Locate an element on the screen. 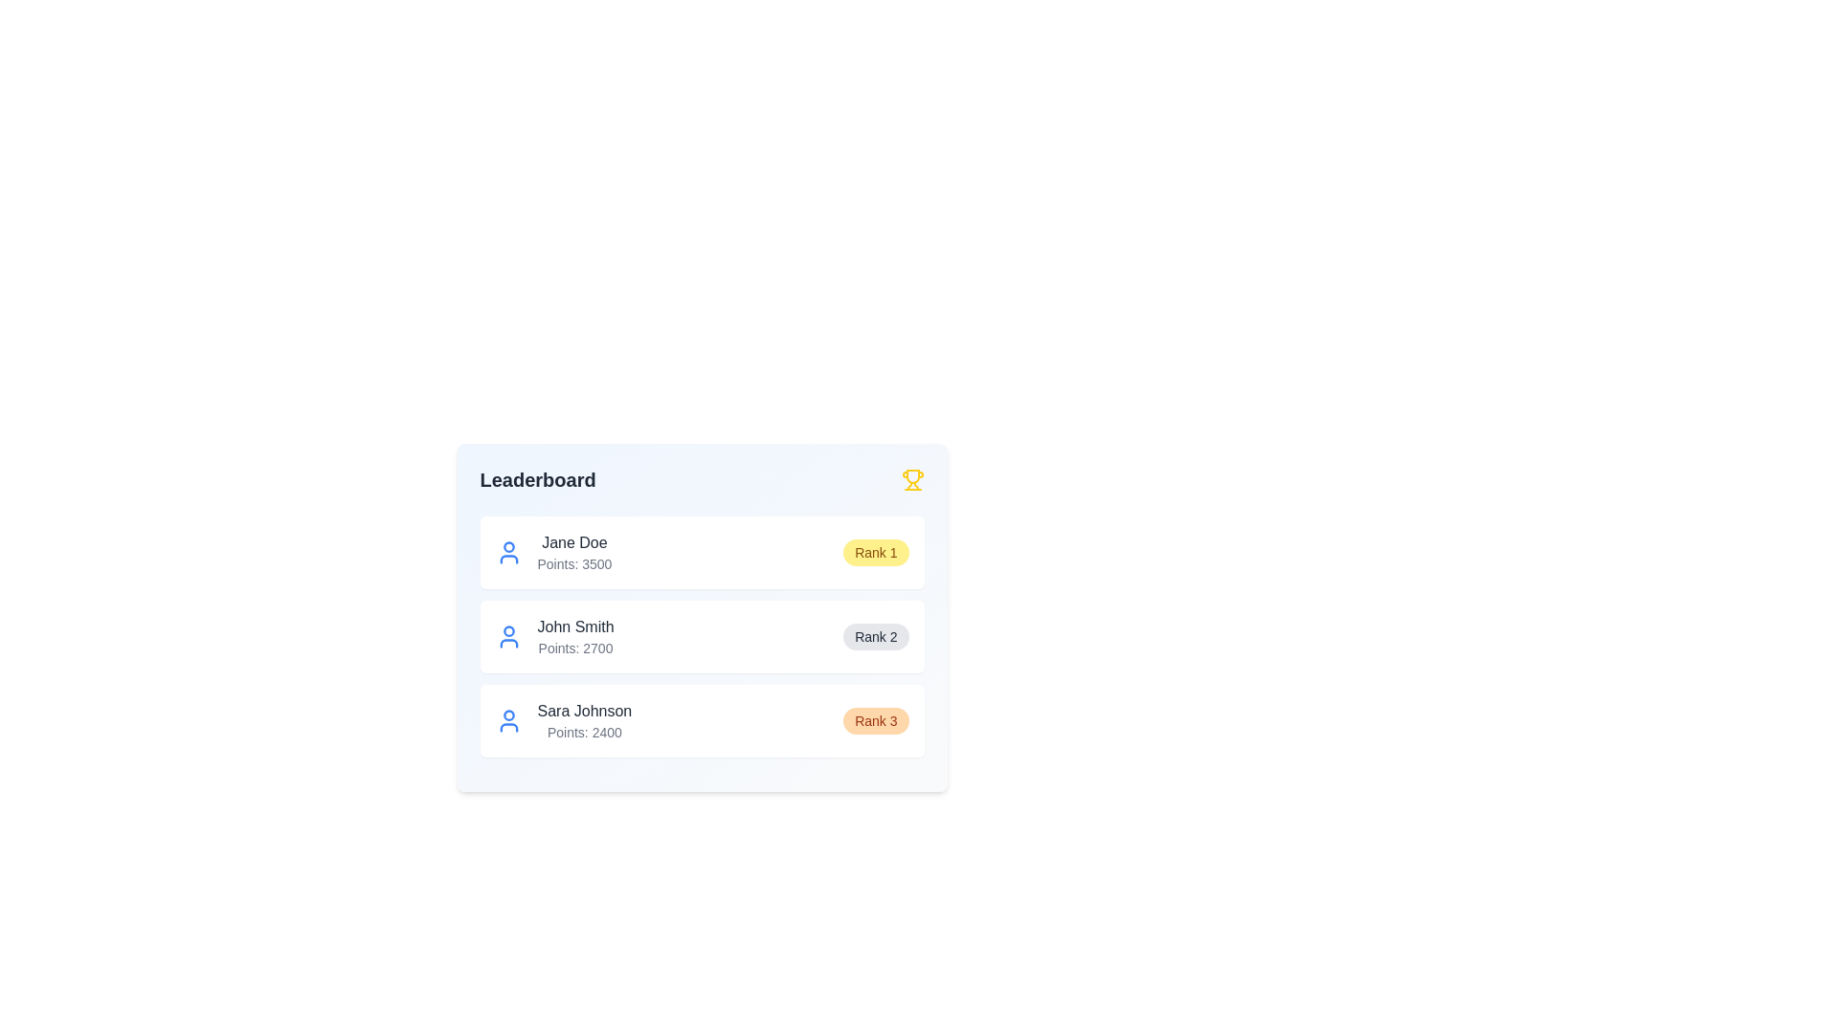  the text label displaying 'Points: 2400' located below the name 'Sara Johnson' in the leaderboard is located at coordinates (583, 732).